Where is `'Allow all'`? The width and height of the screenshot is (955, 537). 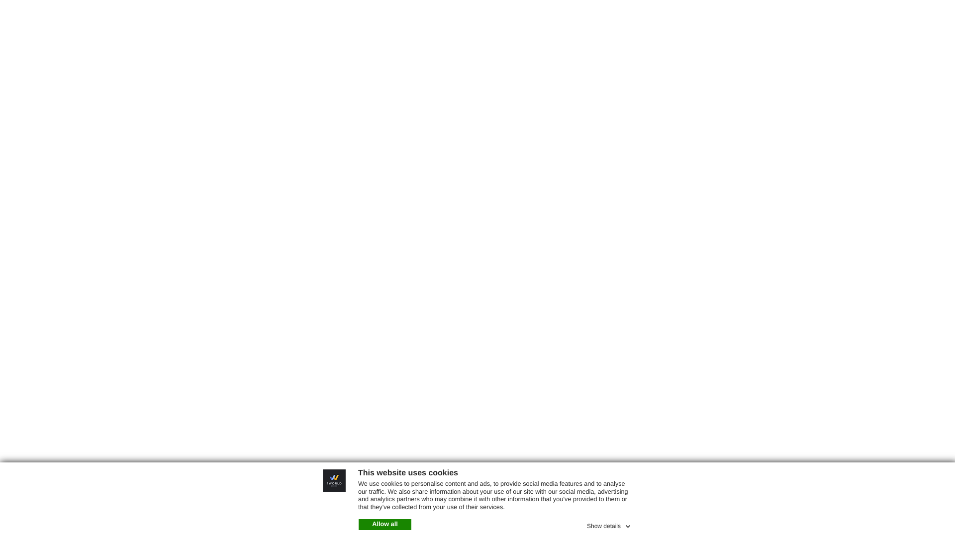 'Allow all' is located at coordinates (384, 524).